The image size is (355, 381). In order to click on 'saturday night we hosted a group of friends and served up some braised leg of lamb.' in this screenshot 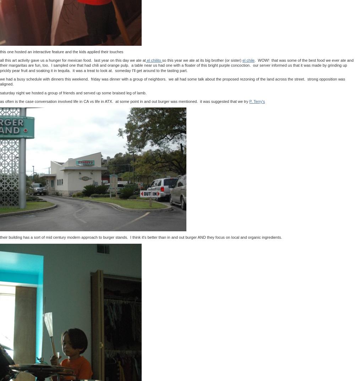, I will do `click(73, 92)`.